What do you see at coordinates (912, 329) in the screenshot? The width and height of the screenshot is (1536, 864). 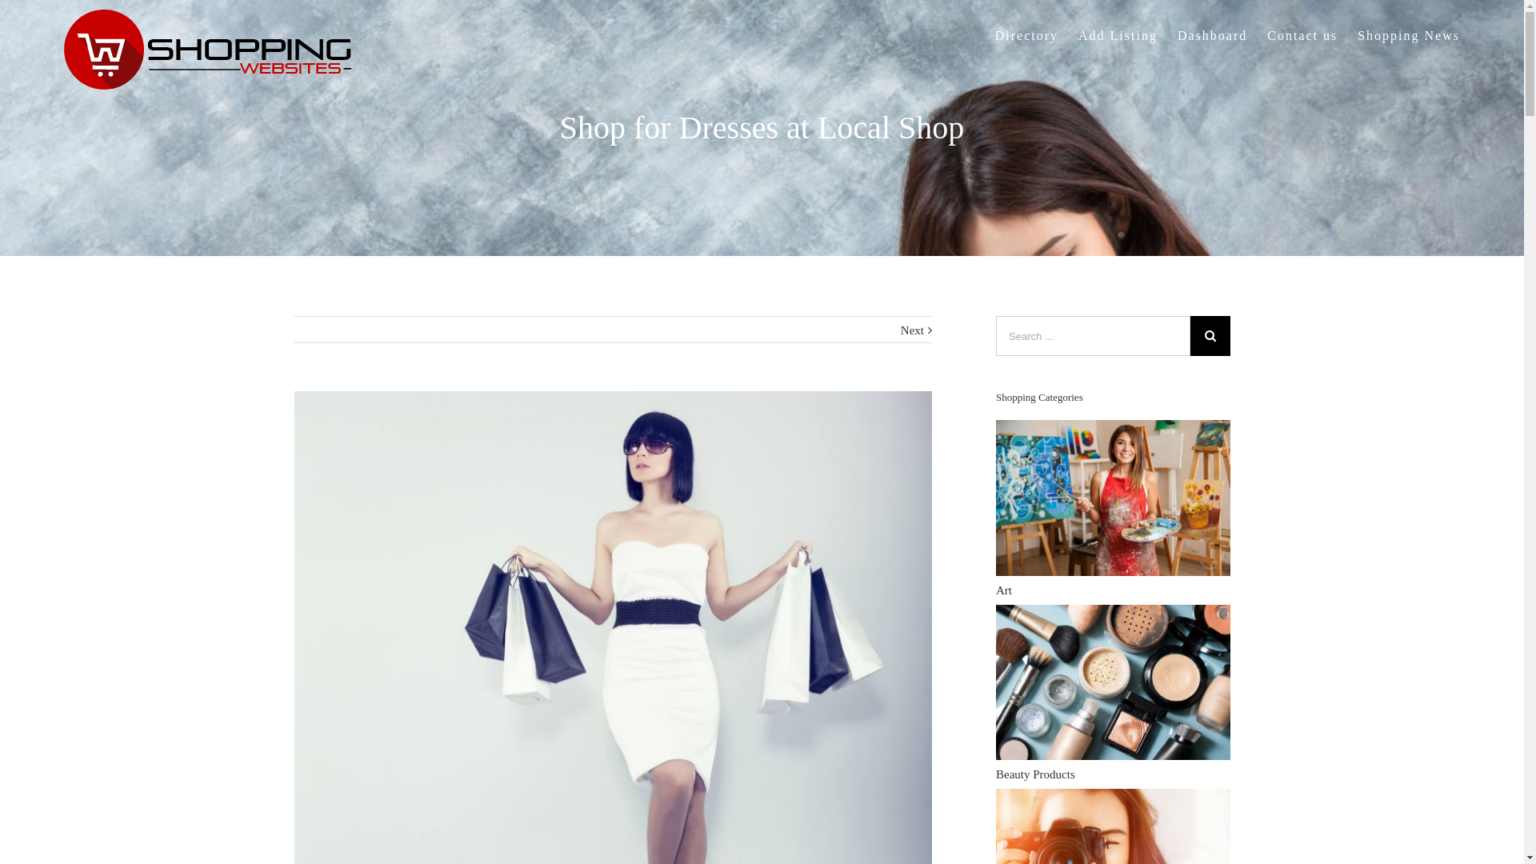 I see `'Next'` at bounding box center [912, 329].